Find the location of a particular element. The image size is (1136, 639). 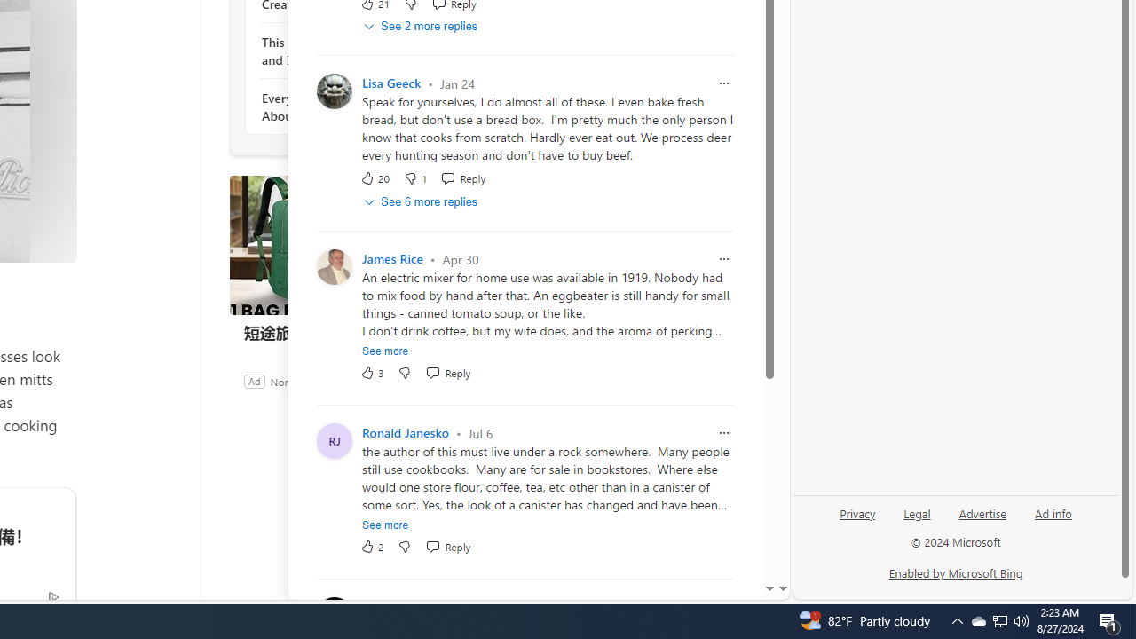

'James Rice' is located at coordinates (391, 259).